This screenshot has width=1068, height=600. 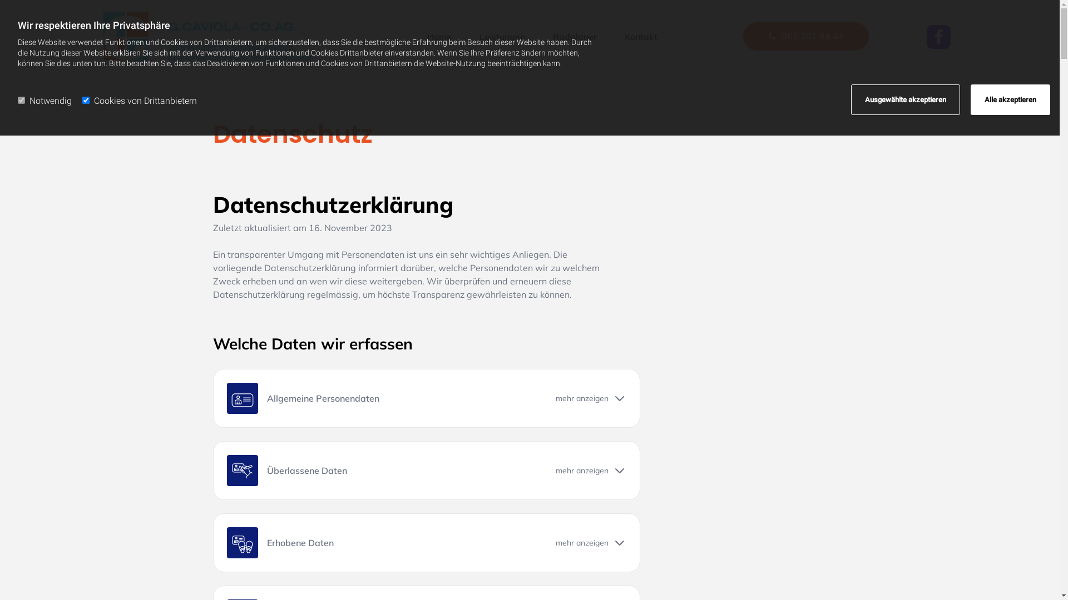 I want to click on 'Home', so click(x=421, y=36).